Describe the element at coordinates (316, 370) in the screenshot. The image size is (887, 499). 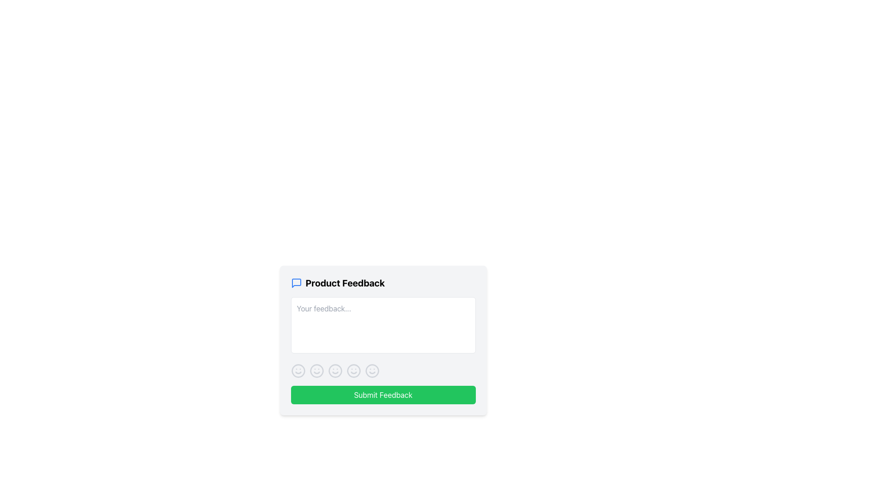
I see `the circular graphical element that represents the head of the smiling face within the SVG illustration` at that location.